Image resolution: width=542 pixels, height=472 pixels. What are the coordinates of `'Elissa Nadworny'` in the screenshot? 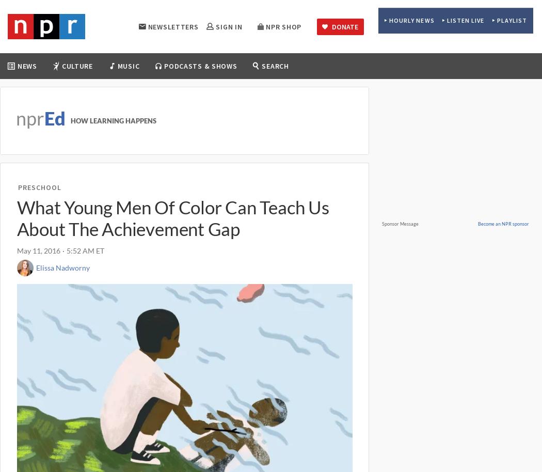 It's located at (61, 267).